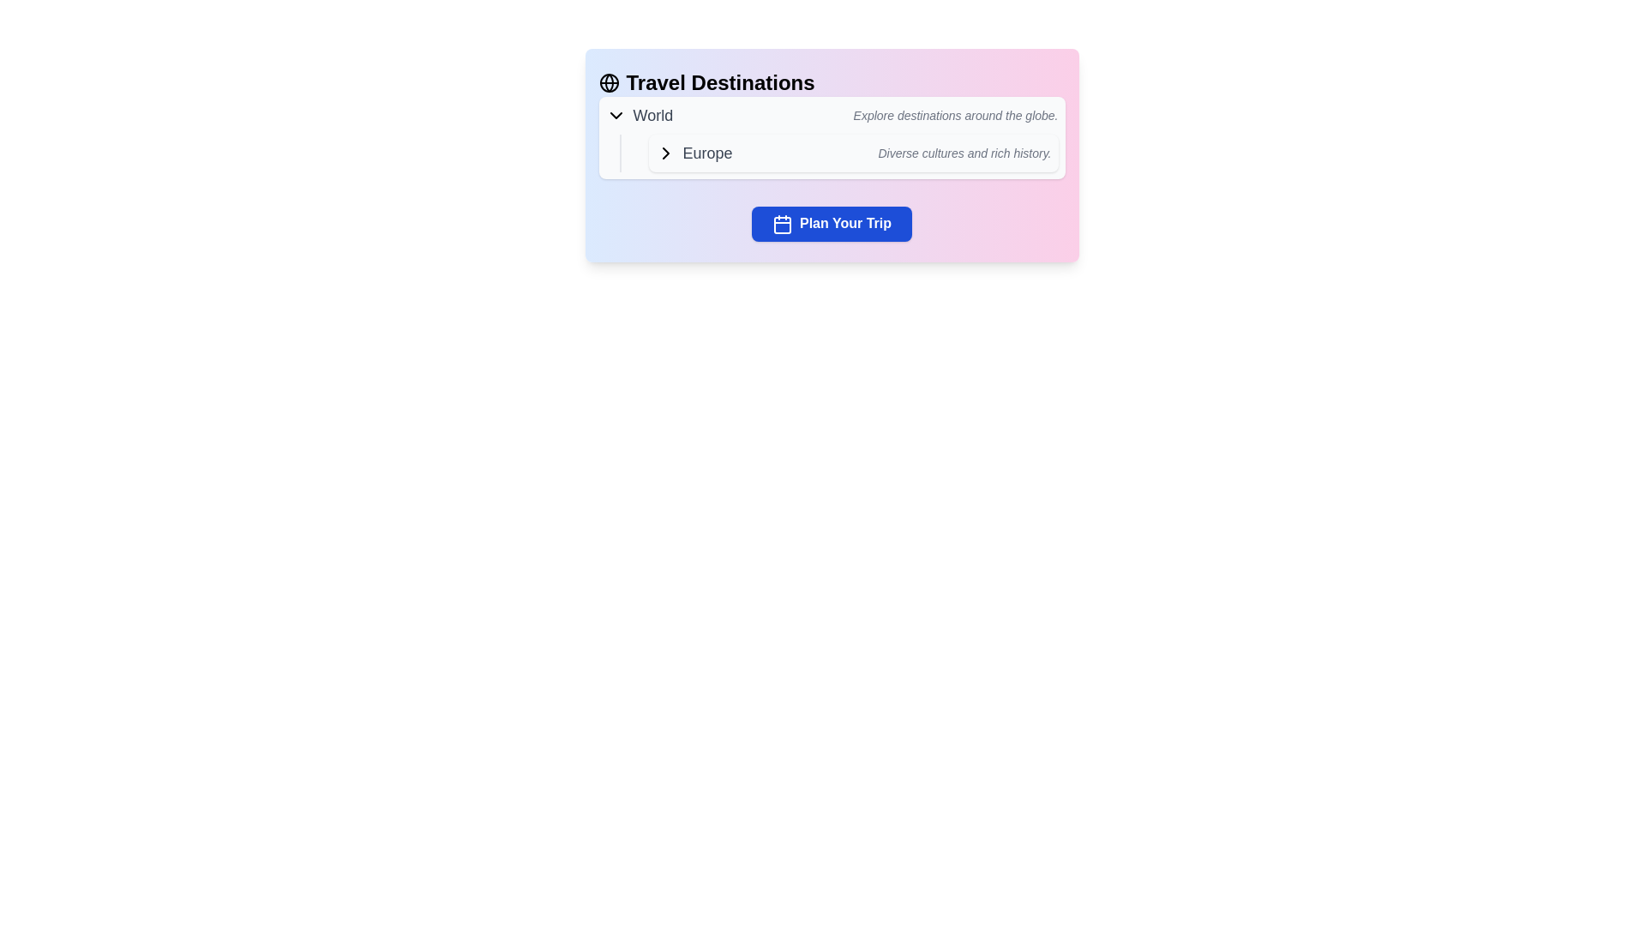 The width and height of the screenshot is (1646, 926). Describe the element at coordinates (638, 116) in the screenshot. I see `the 'World' label in the dropdown component` at that location.